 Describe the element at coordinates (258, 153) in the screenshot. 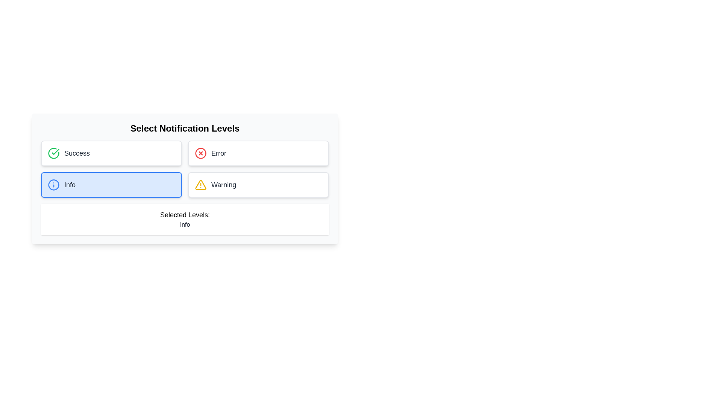

I see `the Error notification button` at that location.